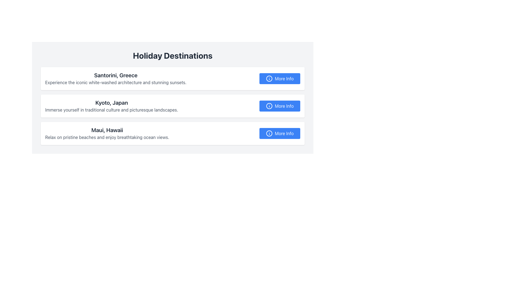  Describe the element at coordinates (269, 78) in the screenshot. I see `the 'More Info' icon associated with the first list item for 'Santorini, Greece'` at that location.